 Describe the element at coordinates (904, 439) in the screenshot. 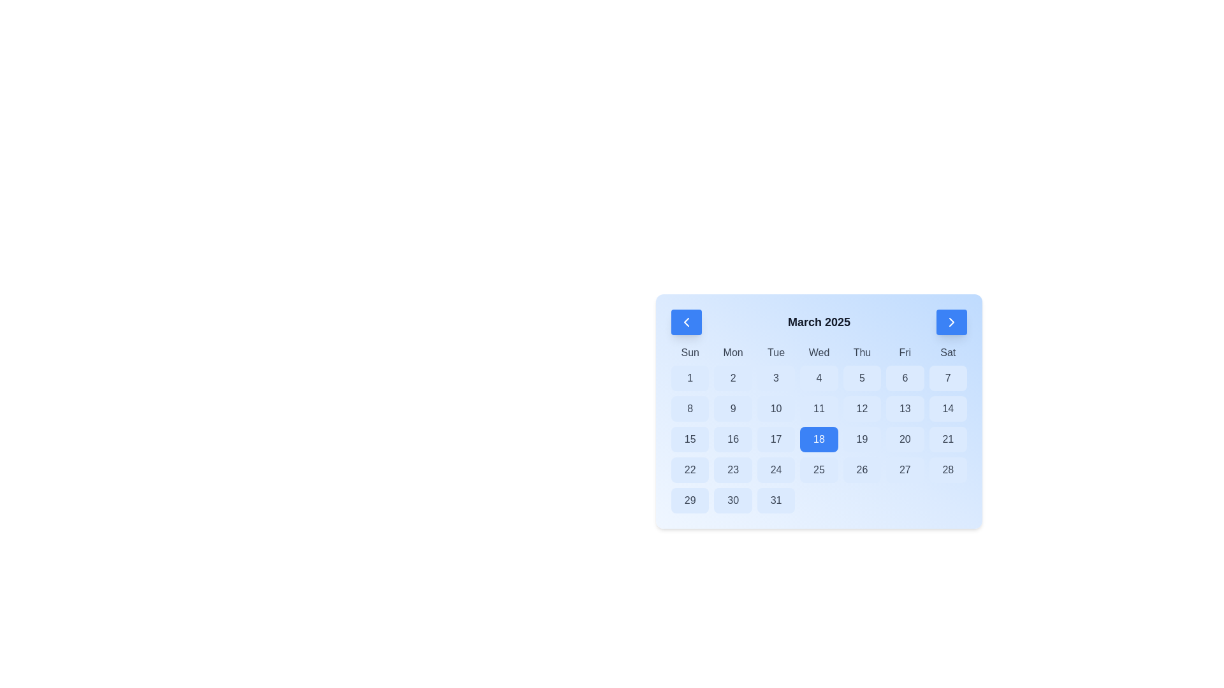

I see `the button displaying the number '20' in bold within the calendar grid under the 'Fri' column` at that location.